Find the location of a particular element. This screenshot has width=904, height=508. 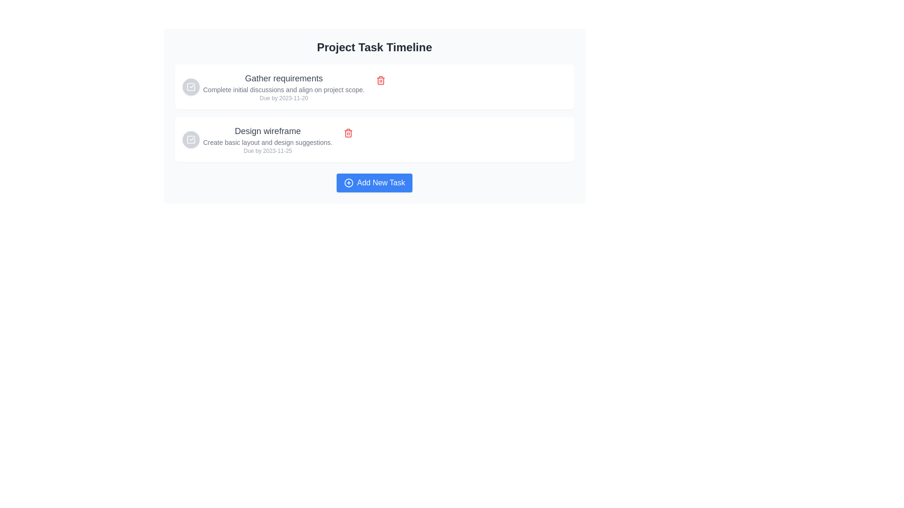

the addition icon located within the 'Add New Task' button, which is positioned to the left of the text label, indicating its role in creating a new task is located at coordinates (348, 183).